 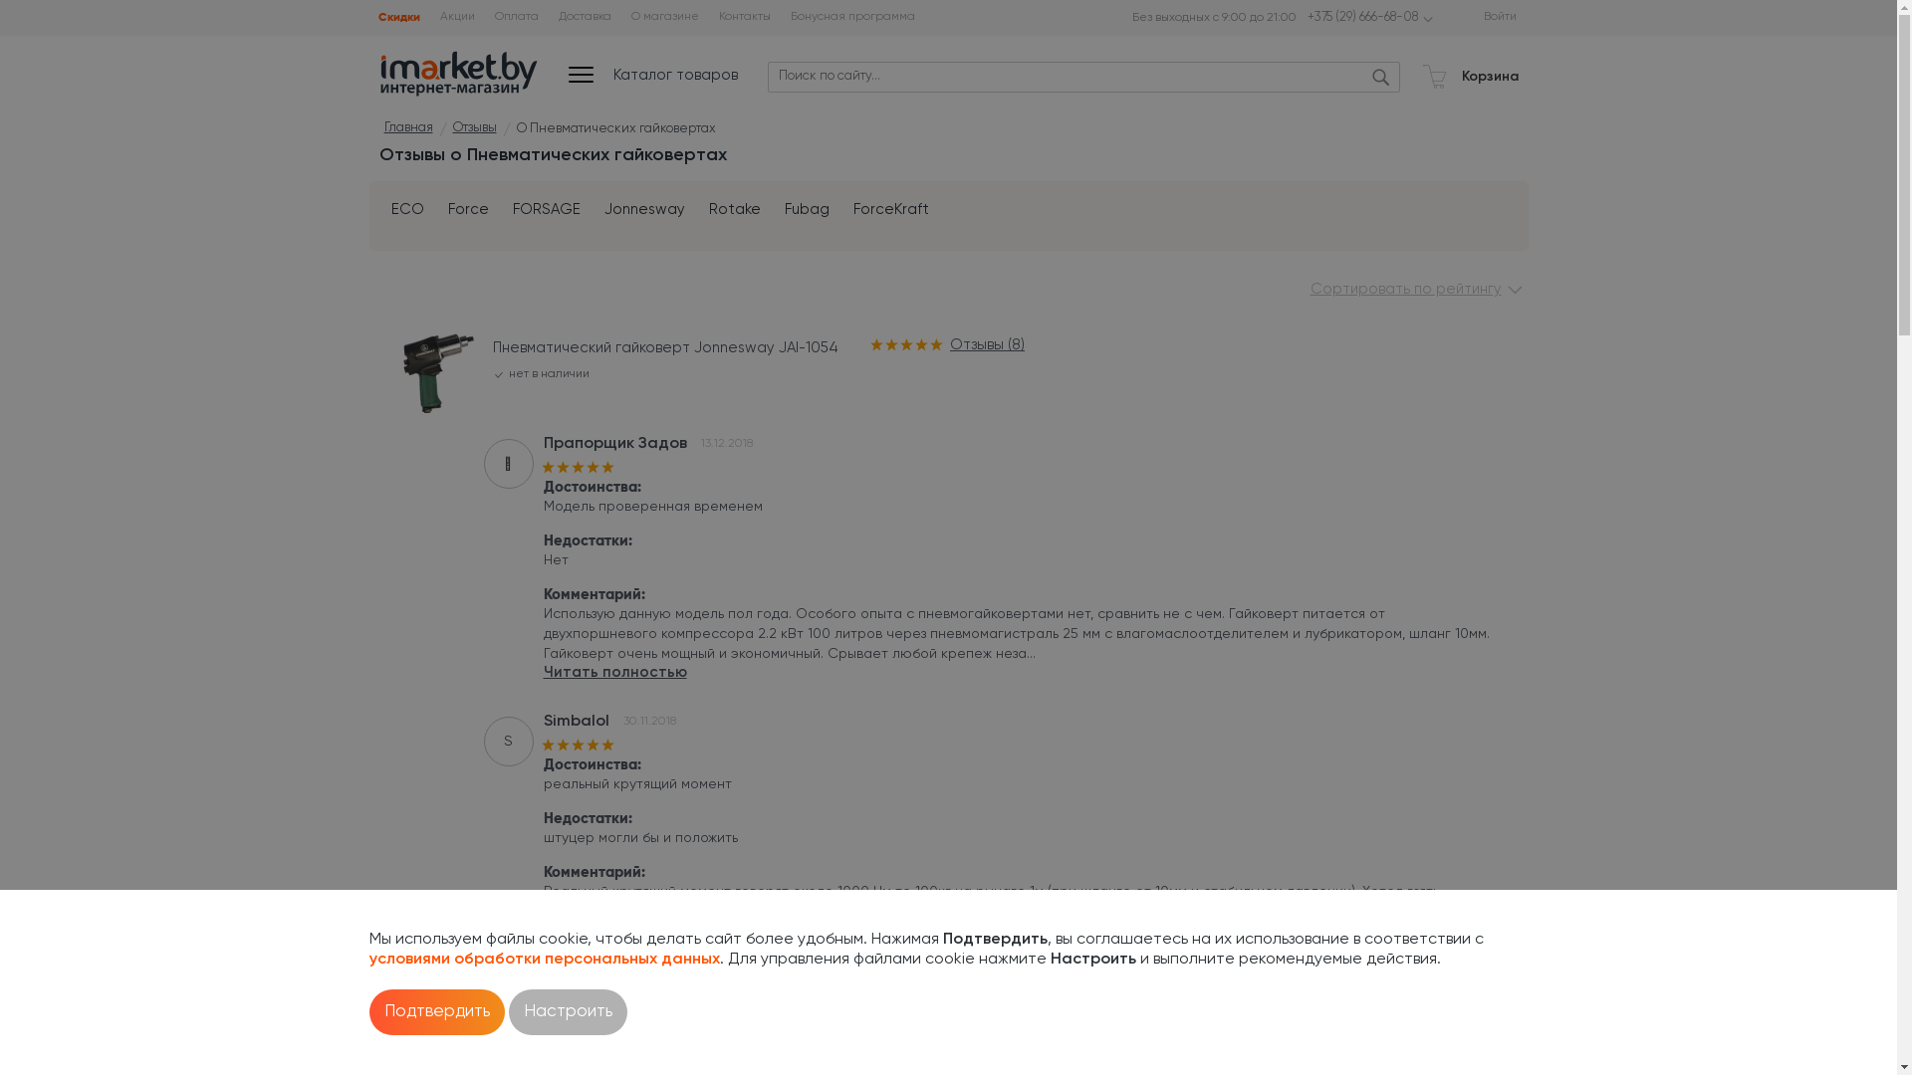 What do you see at coordinates (591, 210) in the screenshot?
I see `'Jonnesway'` at bounding box center [591, 210].